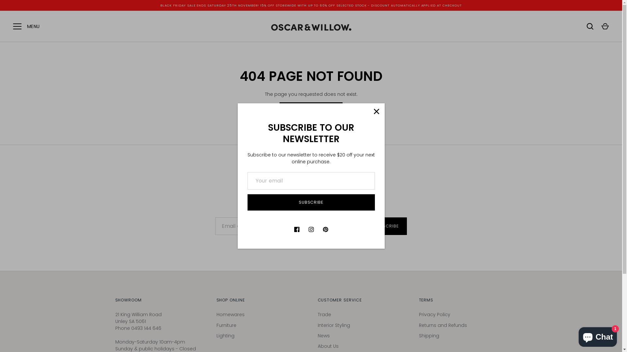  I want to click on 'Furniture', so click(226, 325).